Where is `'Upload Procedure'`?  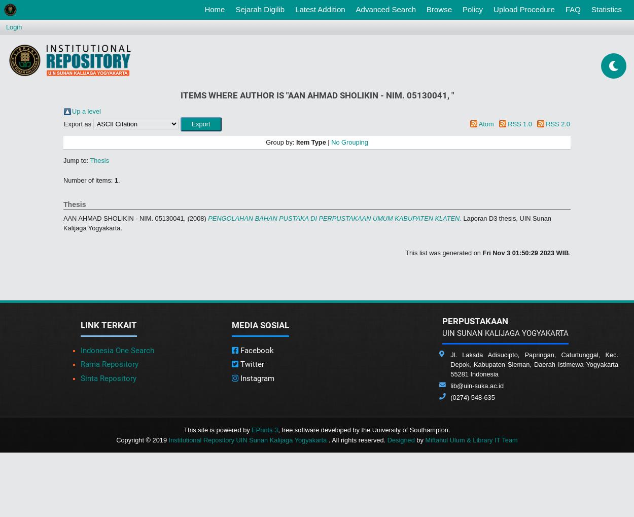 'Upload Procedure' is located at coordinates (524, 9).